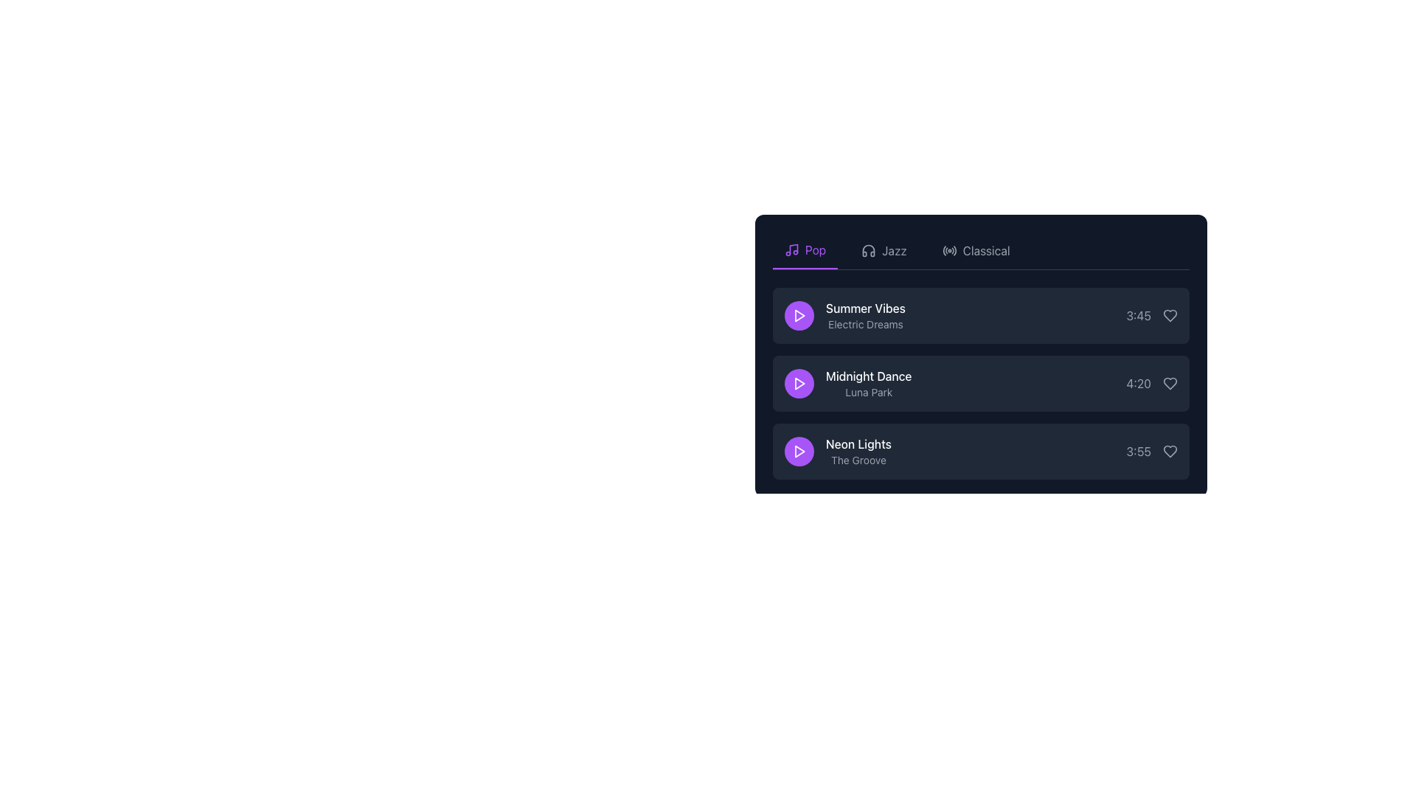 This screenshot has width=1416, height=797. Describe the element at coordinates (1170, 451) in the screenshot. I see `the heart icon button with a gray outline located in the third column of the song track list` at that location.